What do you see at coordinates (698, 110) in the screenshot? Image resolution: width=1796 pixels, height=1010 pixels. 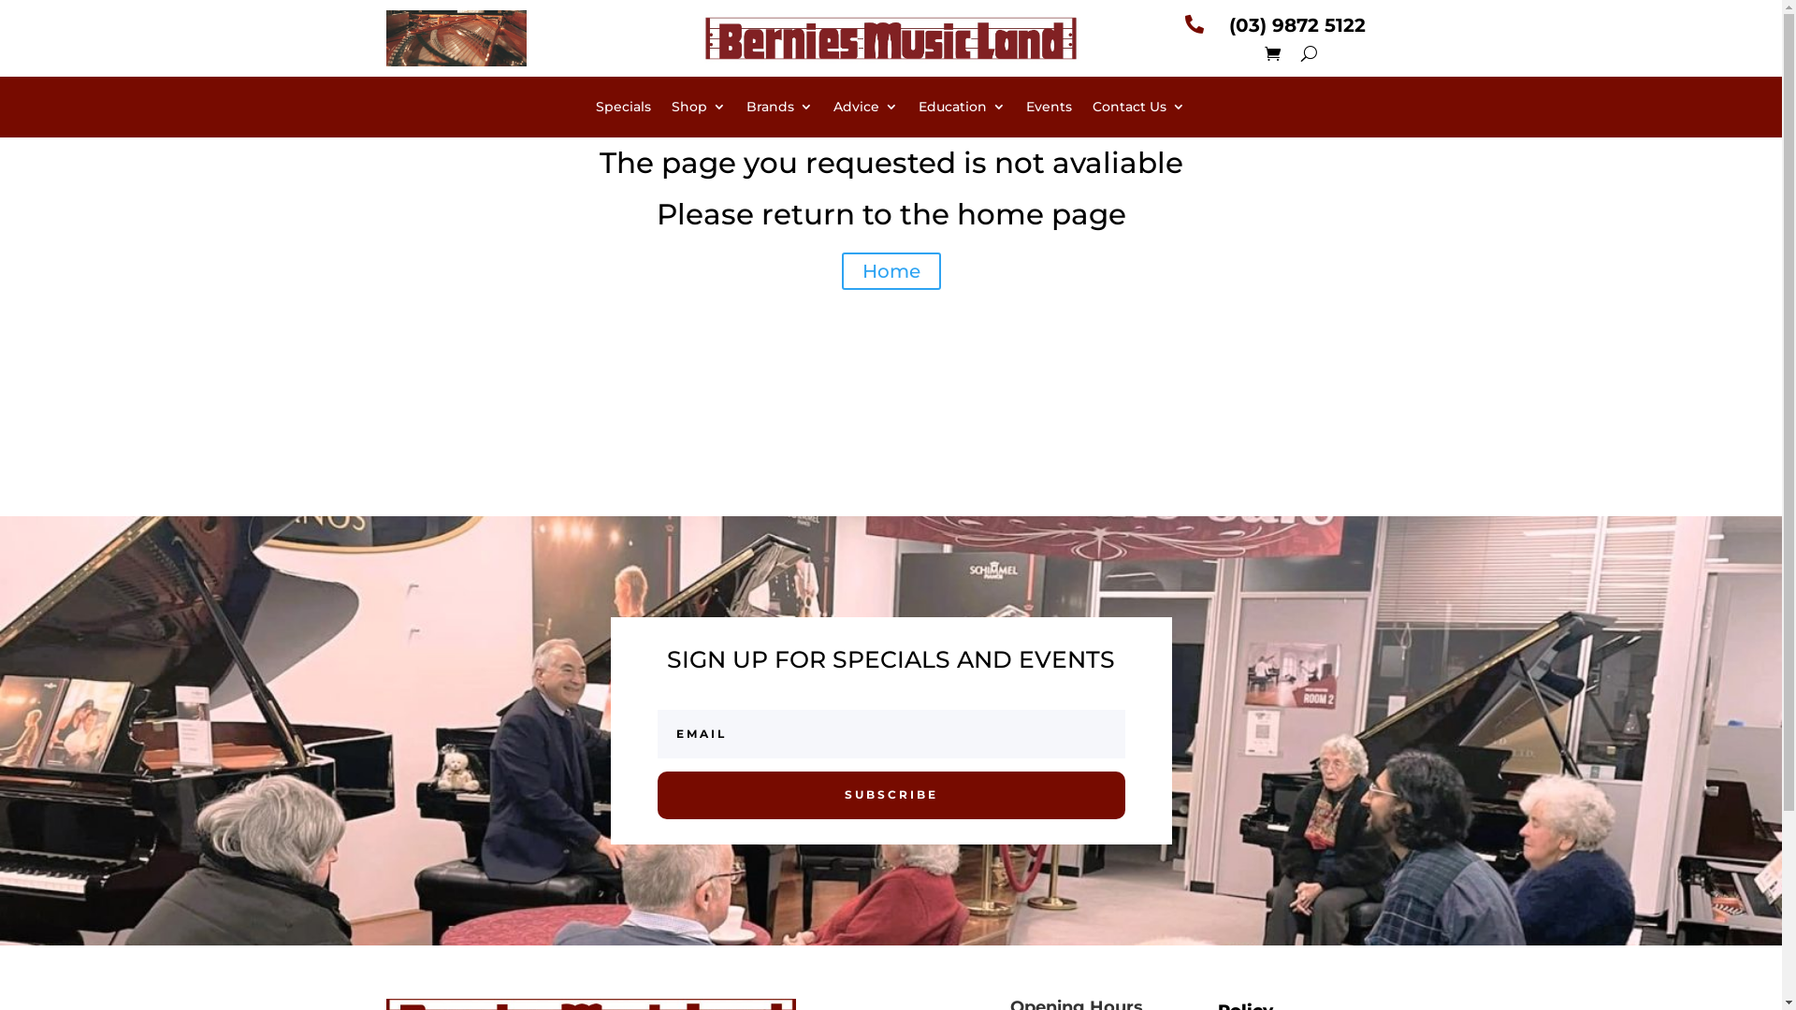 I see `'Shop'` at bounding box center [698, 110].